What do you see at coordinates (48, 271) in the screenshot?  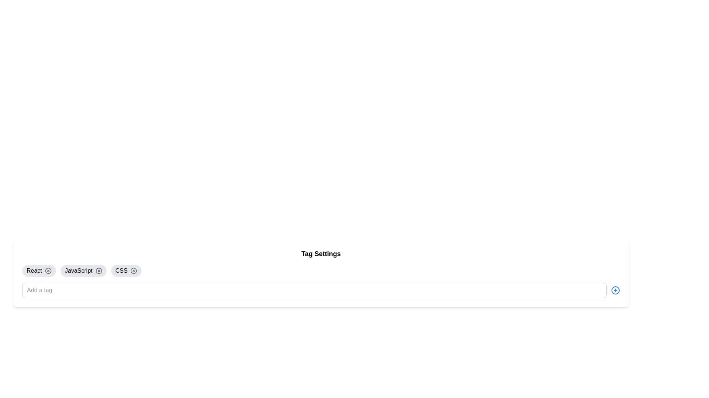 I see `the icon button with a circular outline and a cross mark inside it, located to the right of the text 'React'` at bounding box center [48, 271].